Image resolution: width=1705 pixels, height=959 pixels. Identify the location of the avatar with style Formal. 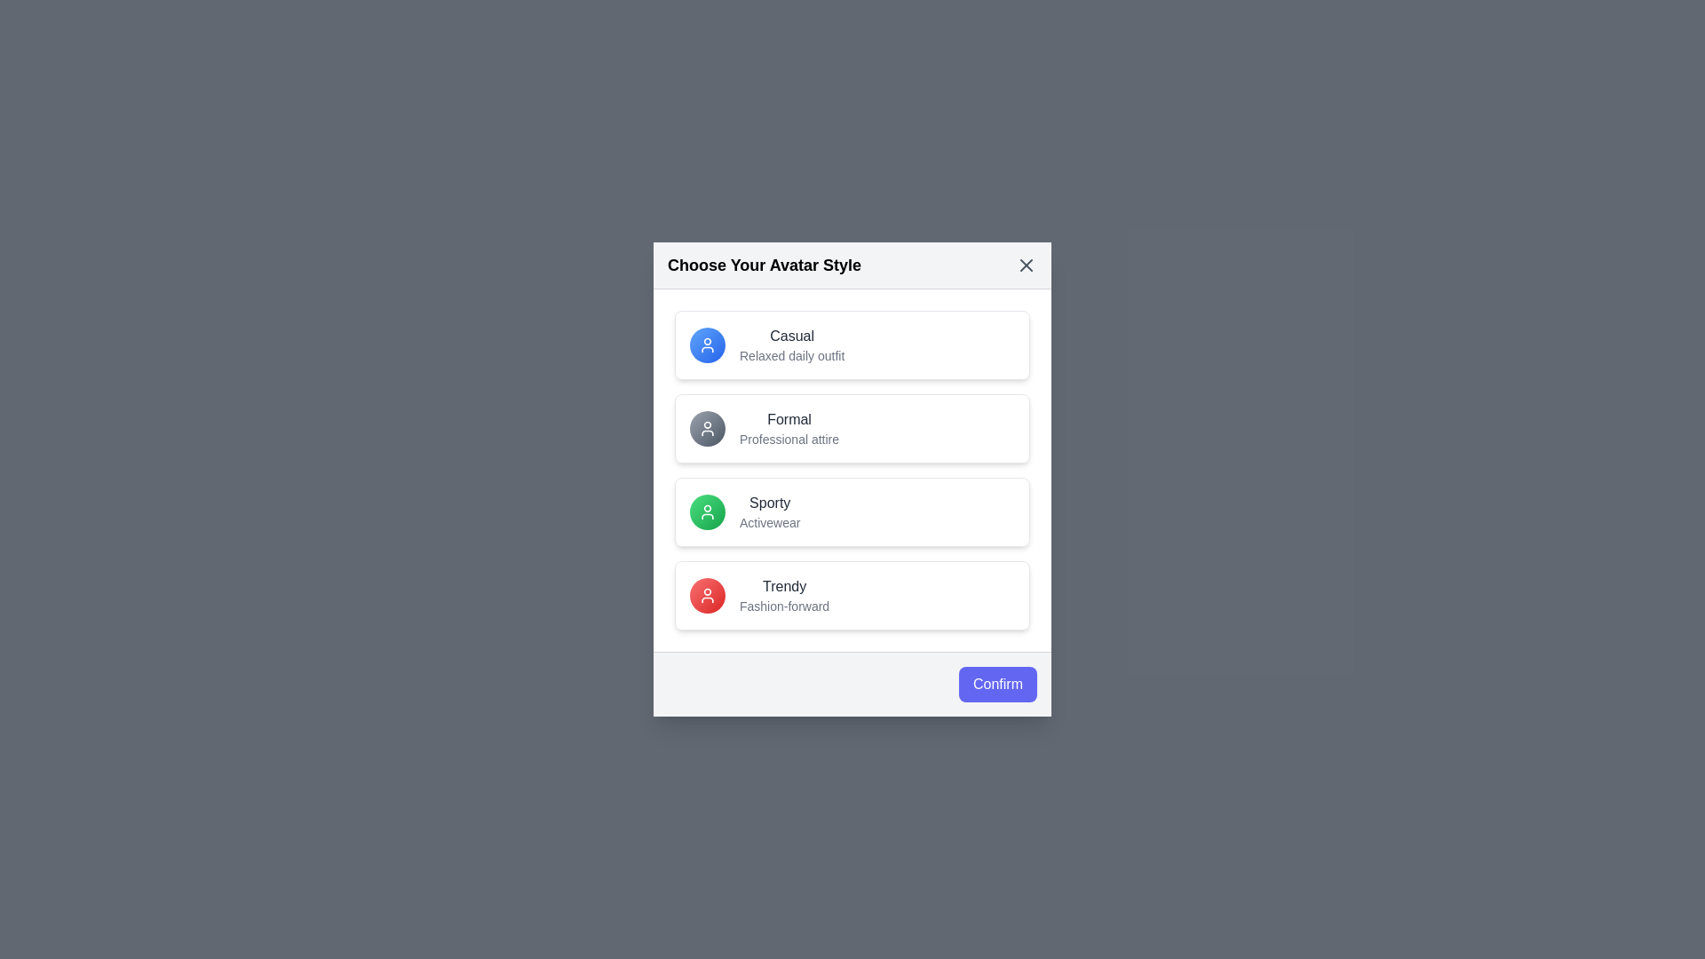
(852, 428).